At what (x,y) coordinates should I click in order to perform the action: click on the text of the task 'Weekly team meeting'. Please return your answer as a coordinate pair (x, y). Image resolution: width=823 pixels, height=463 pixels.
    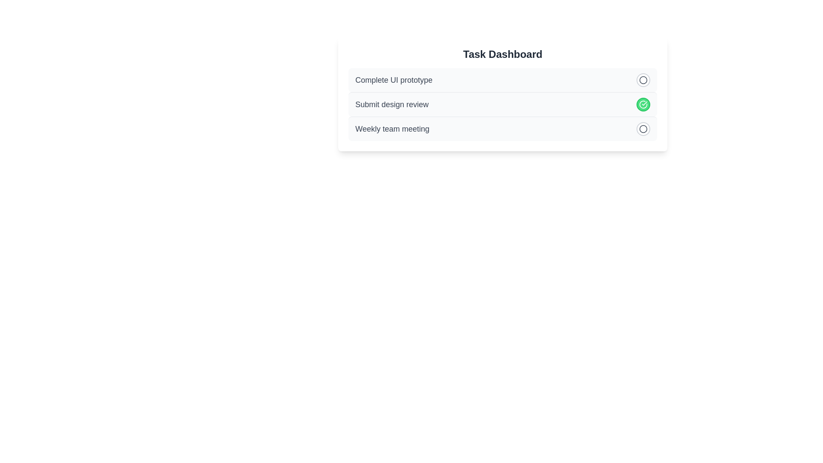
    Looking at the image, I should click on (392, 129).